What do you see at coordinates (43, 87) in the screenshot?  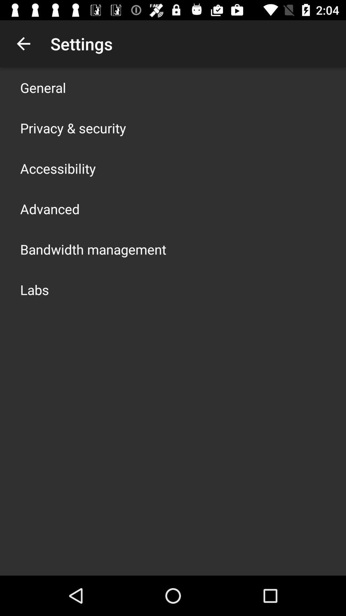 I see `the app above privacy & security` at bounding box center [43, 87].